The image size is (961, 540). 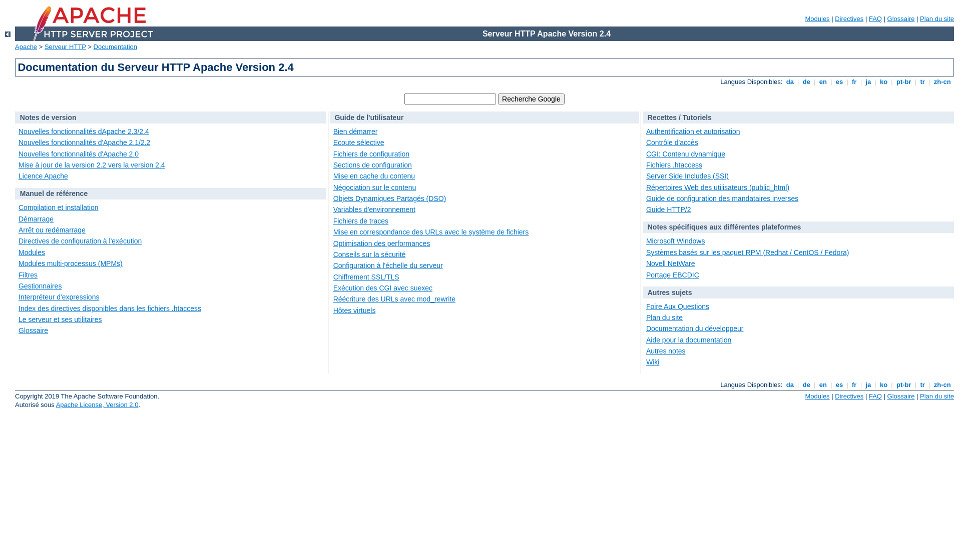 I want to click on '<-', so click(x=8, y=33).